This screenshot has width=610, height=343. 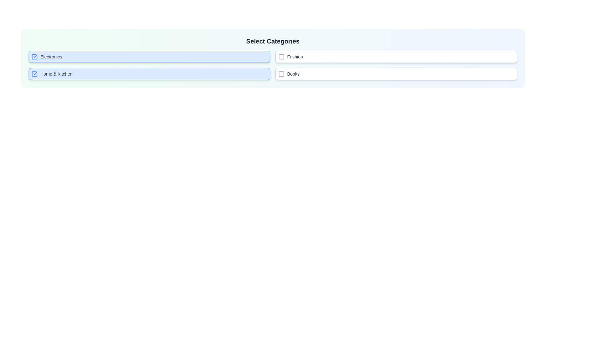 I want to click on the 'Electronics' category button, the leftmost button in the upper row of the category options grid, to trigger hover effects, so click(x=149, y=56).